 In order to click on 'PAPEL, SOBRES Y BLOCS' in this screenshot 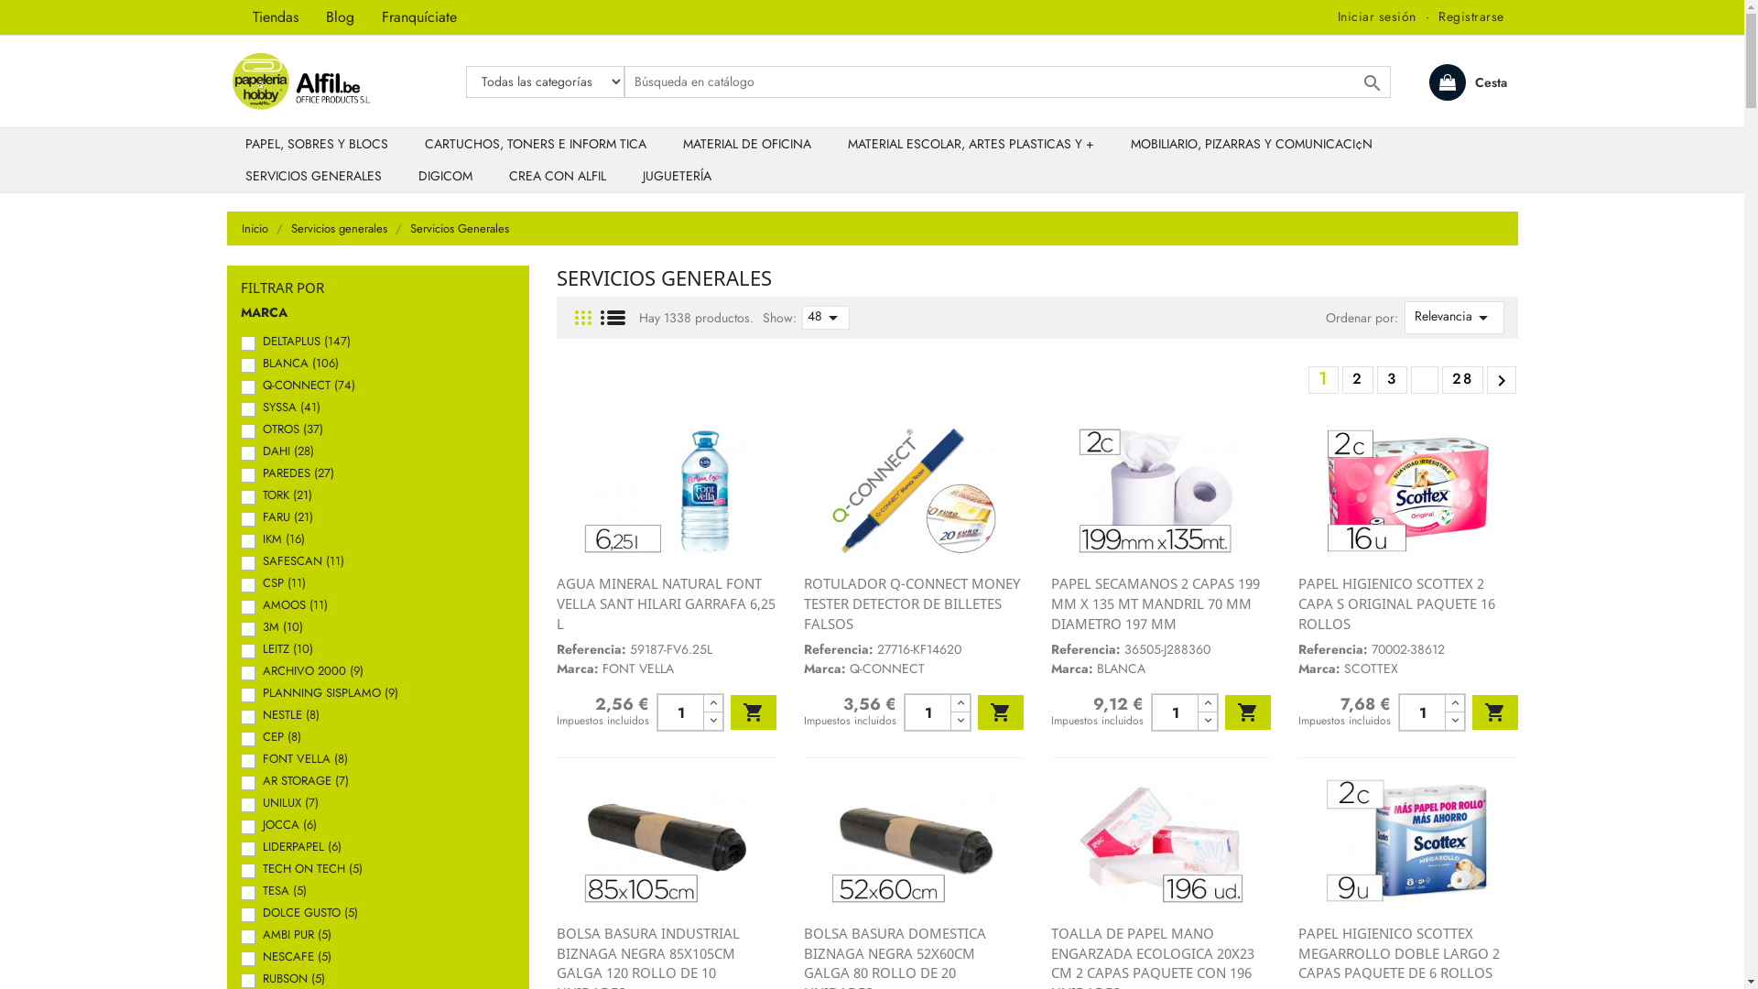, I will do `click(316, 143)`.